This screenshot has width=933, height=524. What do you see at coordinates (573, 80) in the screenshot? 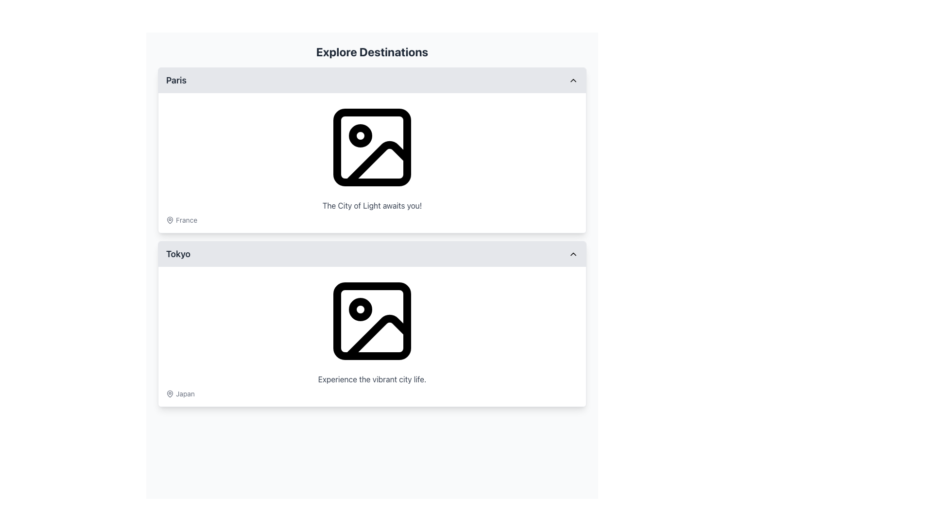
I see `the toggle icon` at bounding box center [573, 80].